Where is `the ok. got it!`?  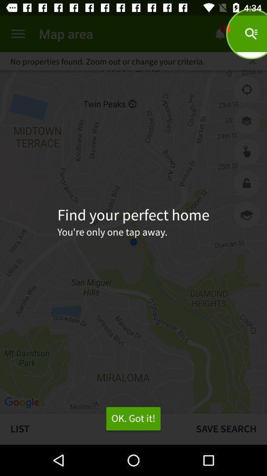 the ok. got it! is located at coordinates (133, 418).